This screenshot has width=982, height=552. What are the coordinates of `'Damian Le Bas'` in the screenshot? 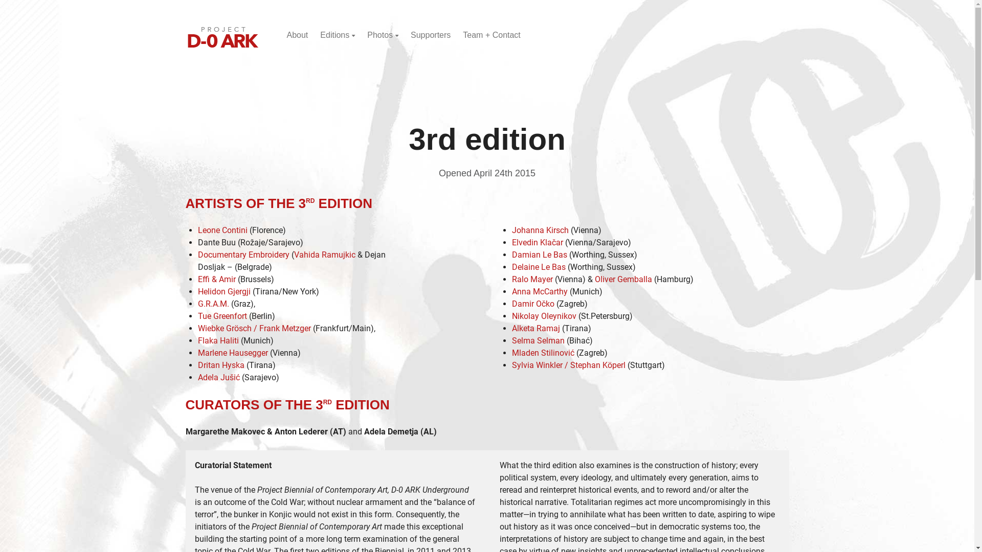 It's located at (539, 254).